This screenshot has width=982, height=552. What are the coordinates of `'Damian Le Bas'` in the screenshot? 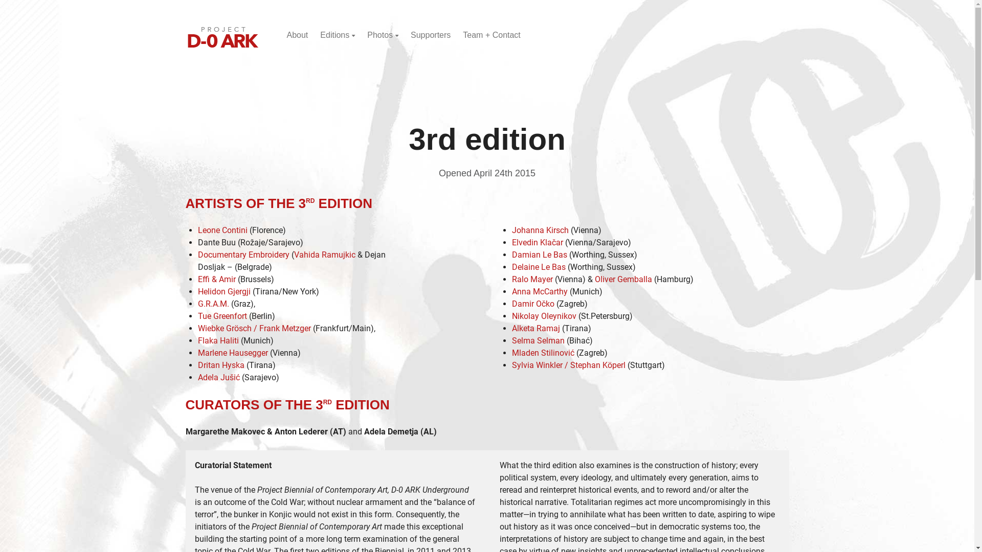 It's located at (539, 254).